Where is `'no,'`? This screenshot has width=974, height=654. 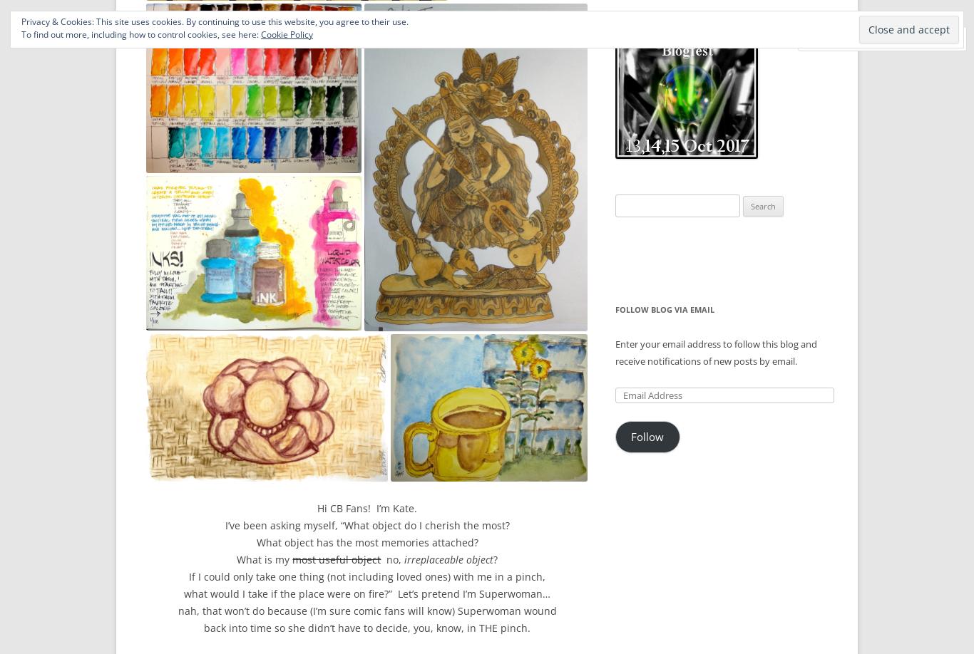 'no,' is located at coordinates (391, 559).